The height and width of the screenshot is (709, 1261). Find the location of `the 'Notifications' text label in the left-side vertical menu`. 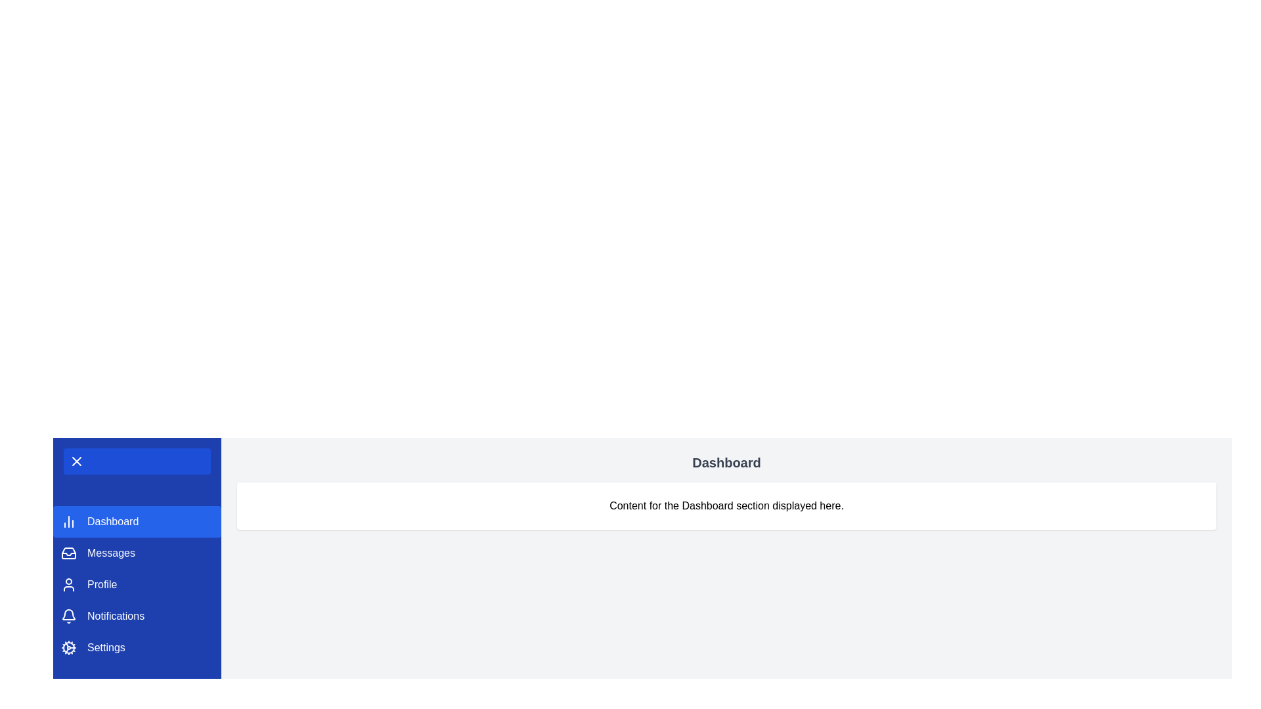

the 'Notifications' text label in the left-side vertical menu is located at coordinates (116, 616).